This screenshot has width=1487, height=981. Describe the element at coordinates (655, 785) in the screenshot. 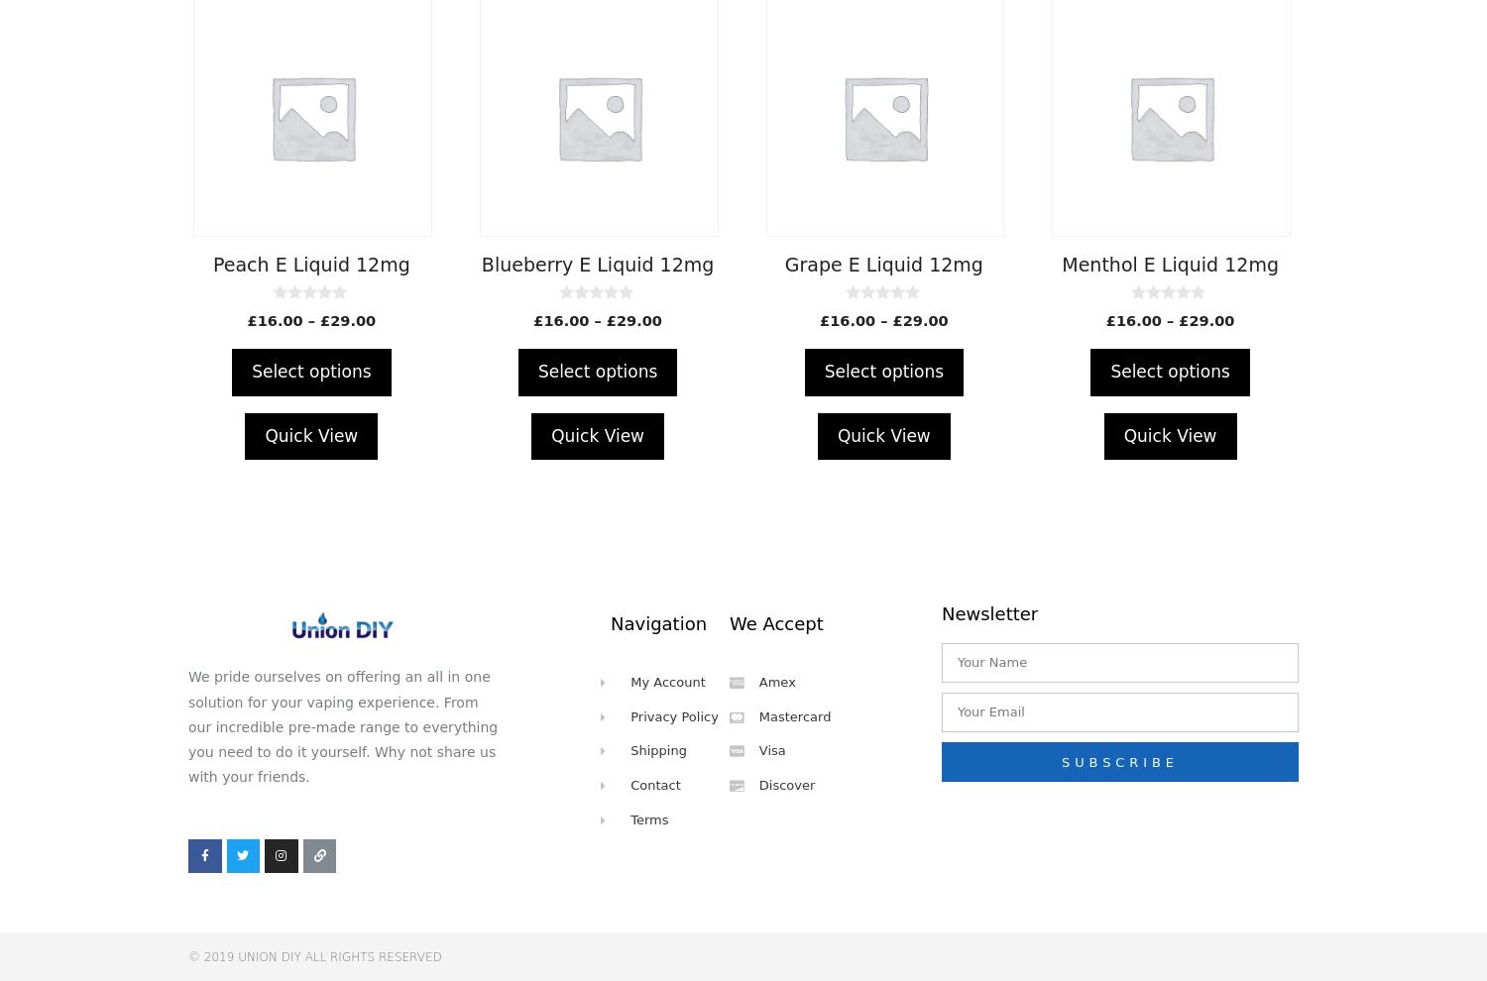

I see `'Contact'` at that location.